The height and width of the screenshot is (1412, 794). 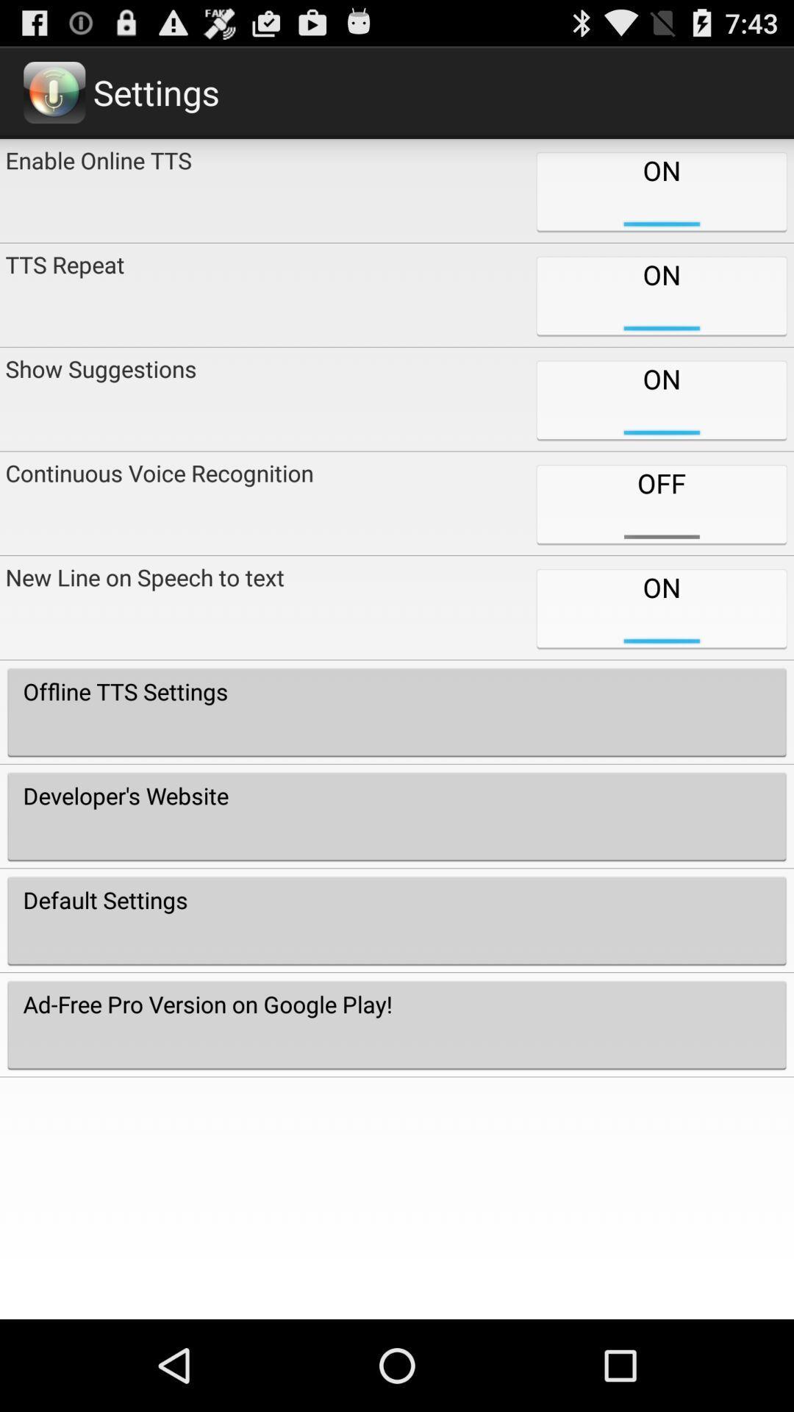 What do you see at coordinates (397, 920) in the screenshot?
I see `the default settings item` at bounding box center [397, 920].